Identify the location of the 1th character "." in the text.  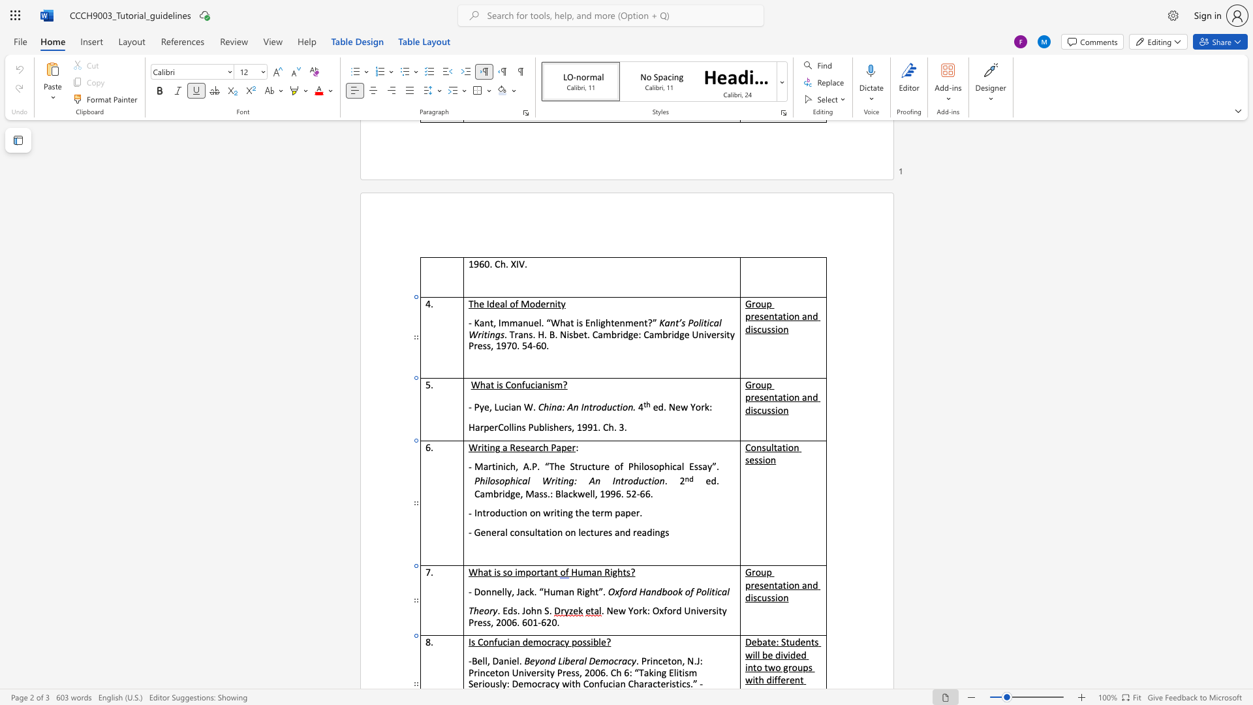
(638, 661).